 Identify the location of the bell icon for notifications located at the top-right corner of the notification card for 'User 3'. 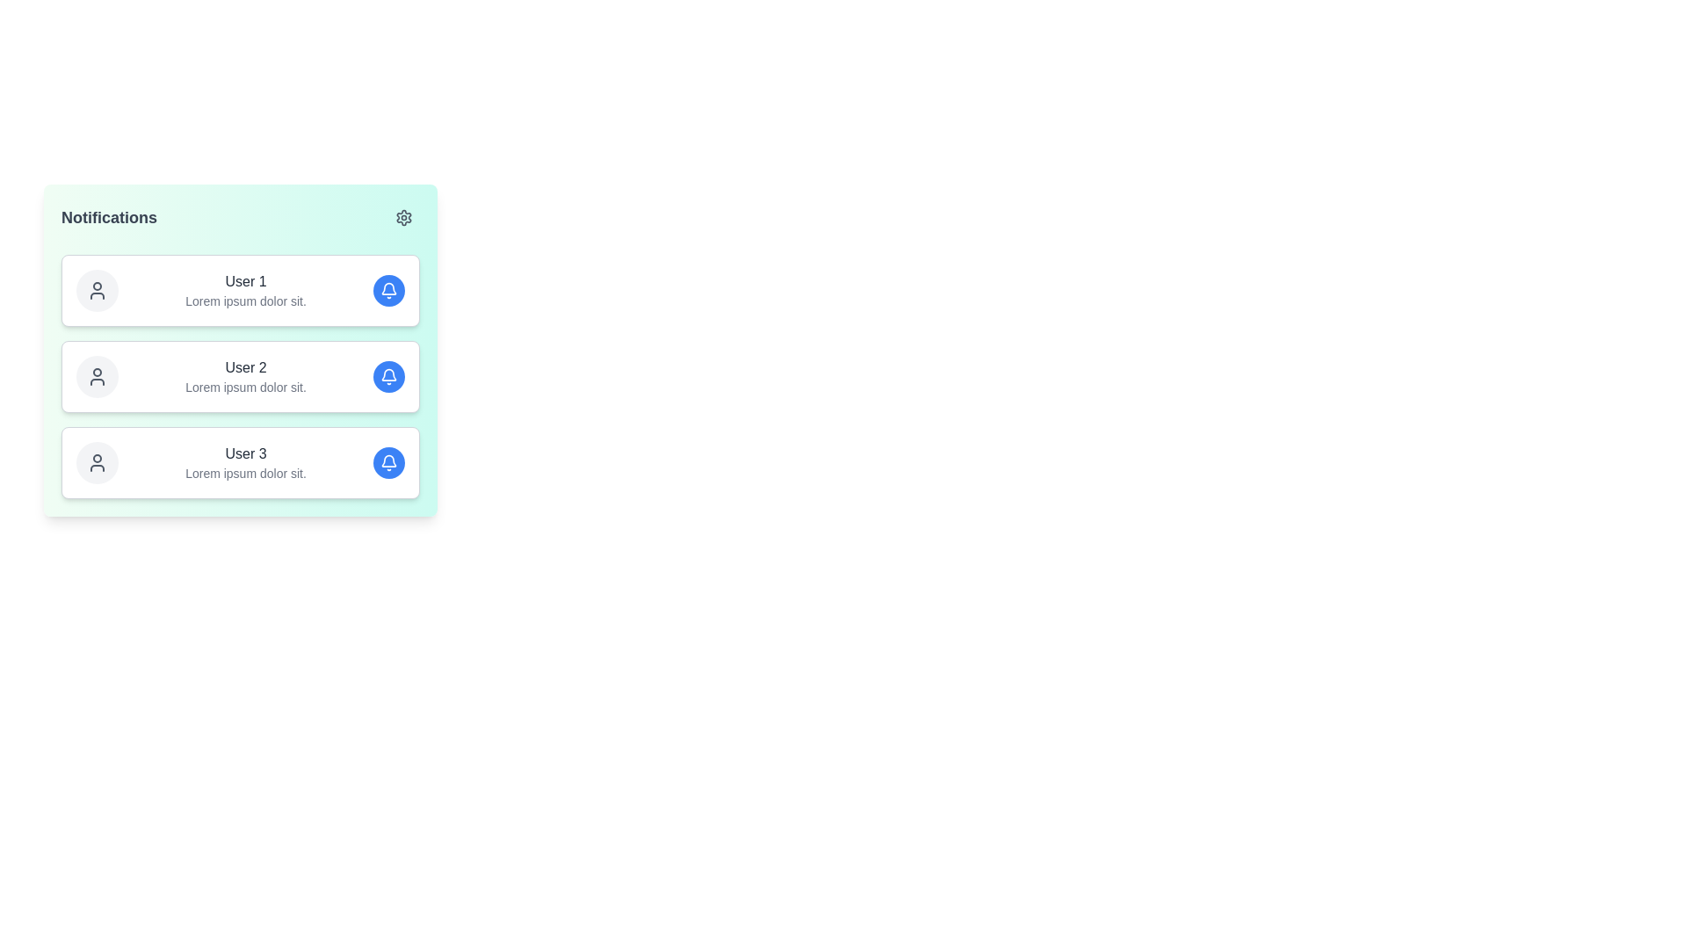
(387, 462).